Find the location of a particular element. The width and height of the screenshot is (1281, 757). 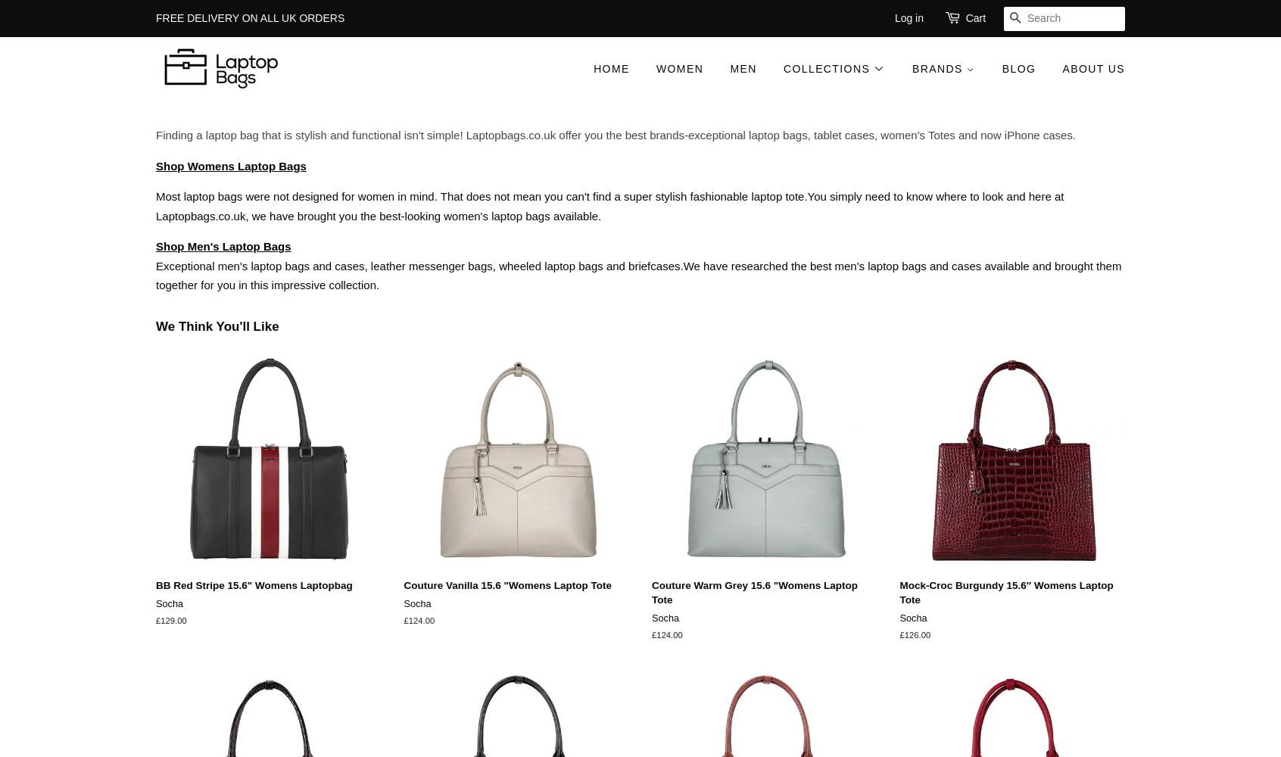

'Finding a laptop bag that is stylish and functional isn't simple! Laptopbags.co.uk offer you the best brands-exceptional' is located at coordinates (450, 135).